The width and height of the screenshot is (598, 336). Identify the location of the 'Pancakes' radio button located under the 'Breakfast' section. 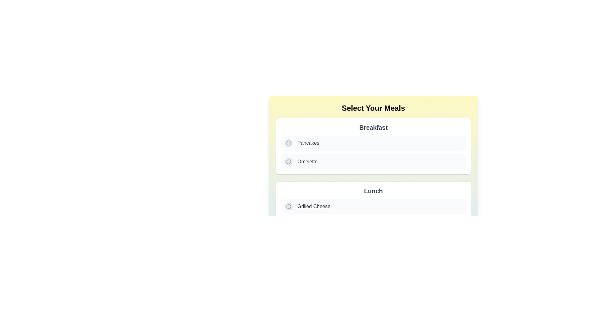
(373, 143).